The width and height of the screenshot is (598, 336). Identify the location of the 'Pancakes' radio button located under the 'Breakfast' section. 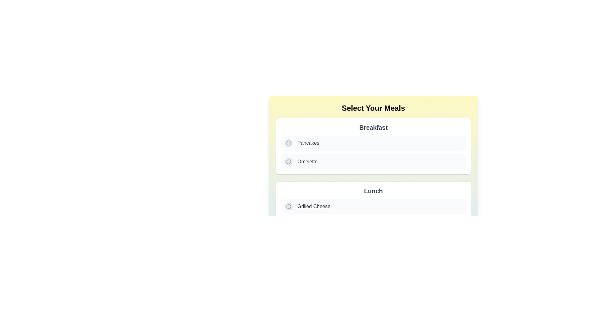
(373, 143).